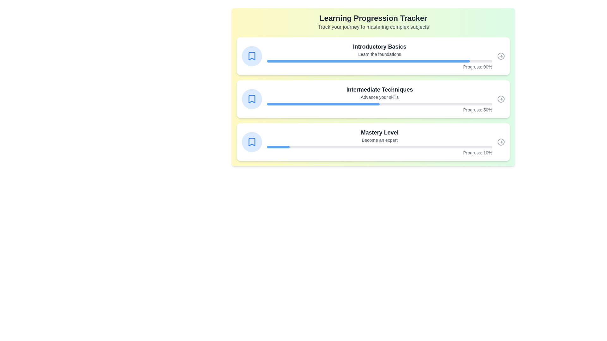 Image resolution: width=607 pixels, height=341 pixels. I want to click on the blue progress bar that visually represents approximately 50% progress, located within the 'Intermediate Techniques' sectional card, so click(323, 104).